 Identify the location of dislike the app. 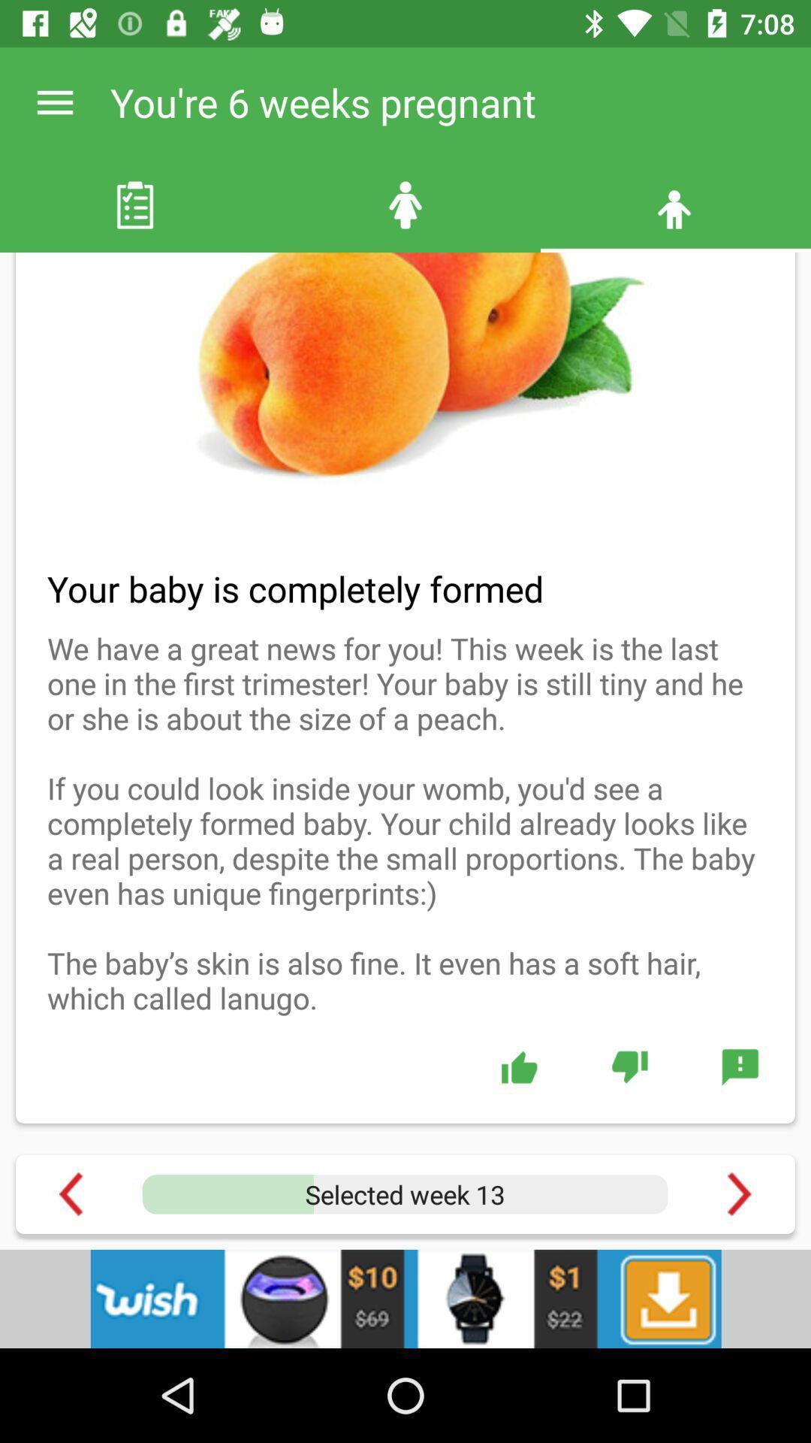
(629, 1066).